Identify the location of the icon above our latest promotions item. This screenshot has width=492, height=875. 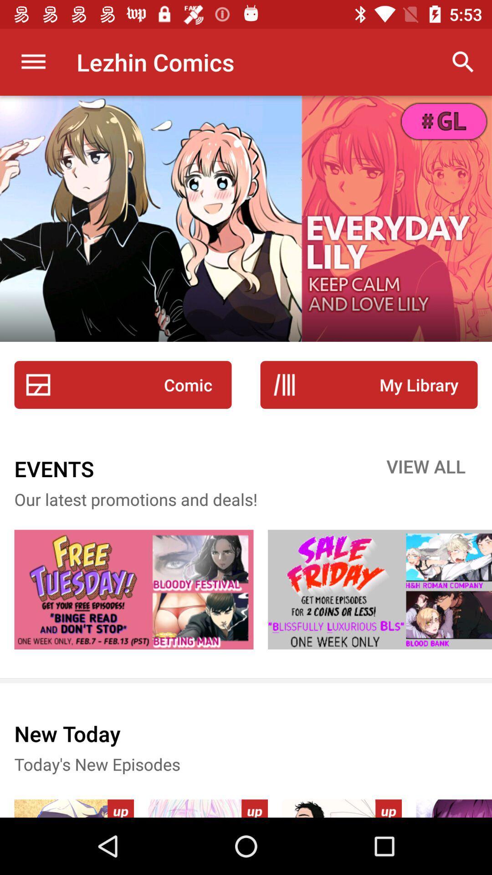
(426, 468).